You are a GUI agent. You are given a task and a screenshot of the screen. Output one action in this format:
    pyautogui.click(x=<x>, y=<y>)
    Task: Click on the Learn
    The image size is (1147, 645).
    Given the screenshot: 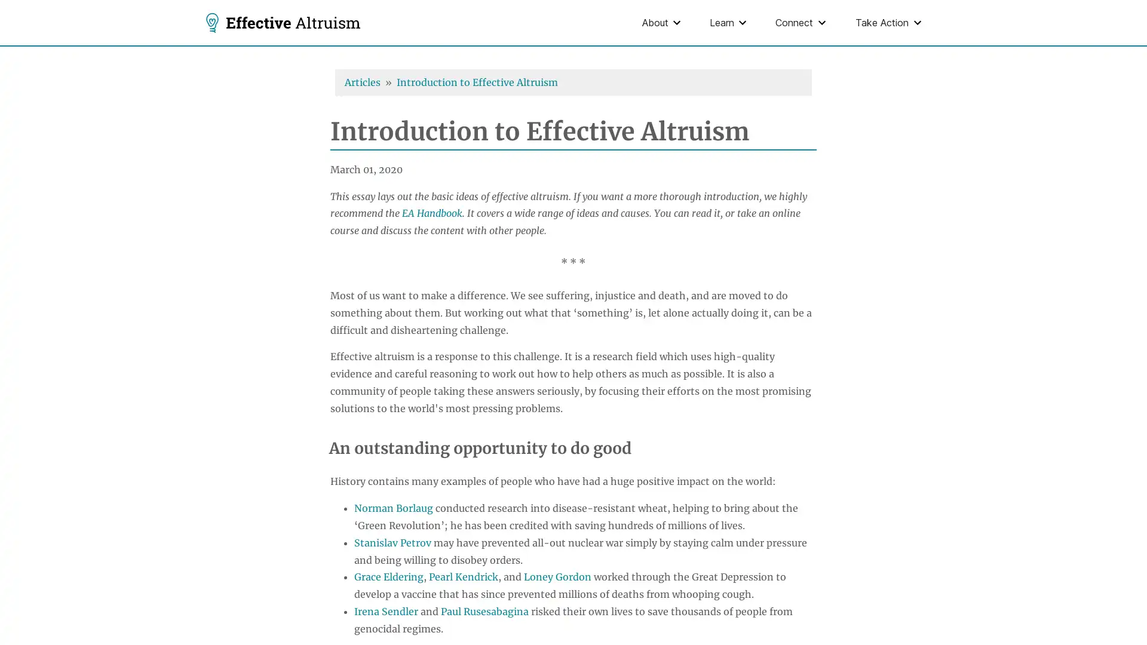 What is the action you would take?
    pyautogui.click(x=728, y=23)
    